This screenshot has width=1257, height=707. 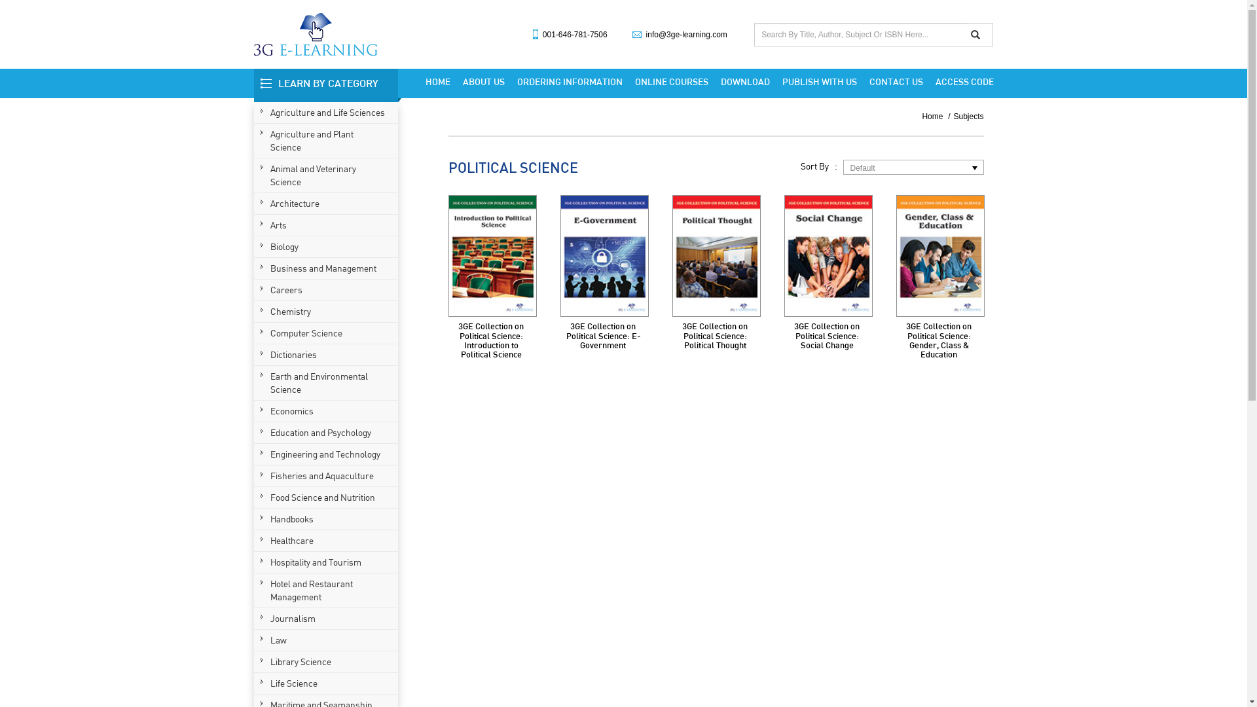 I want to click on 'ORDERING INFORMATION', so click(x=570, y=81).